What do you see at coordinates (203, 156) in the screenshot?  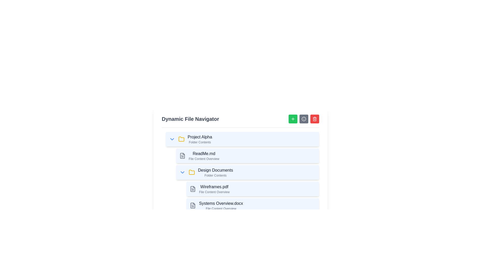 I see `the 'ReadMe.md' text label in the file navigator interface` at bounding box center [203, 156].